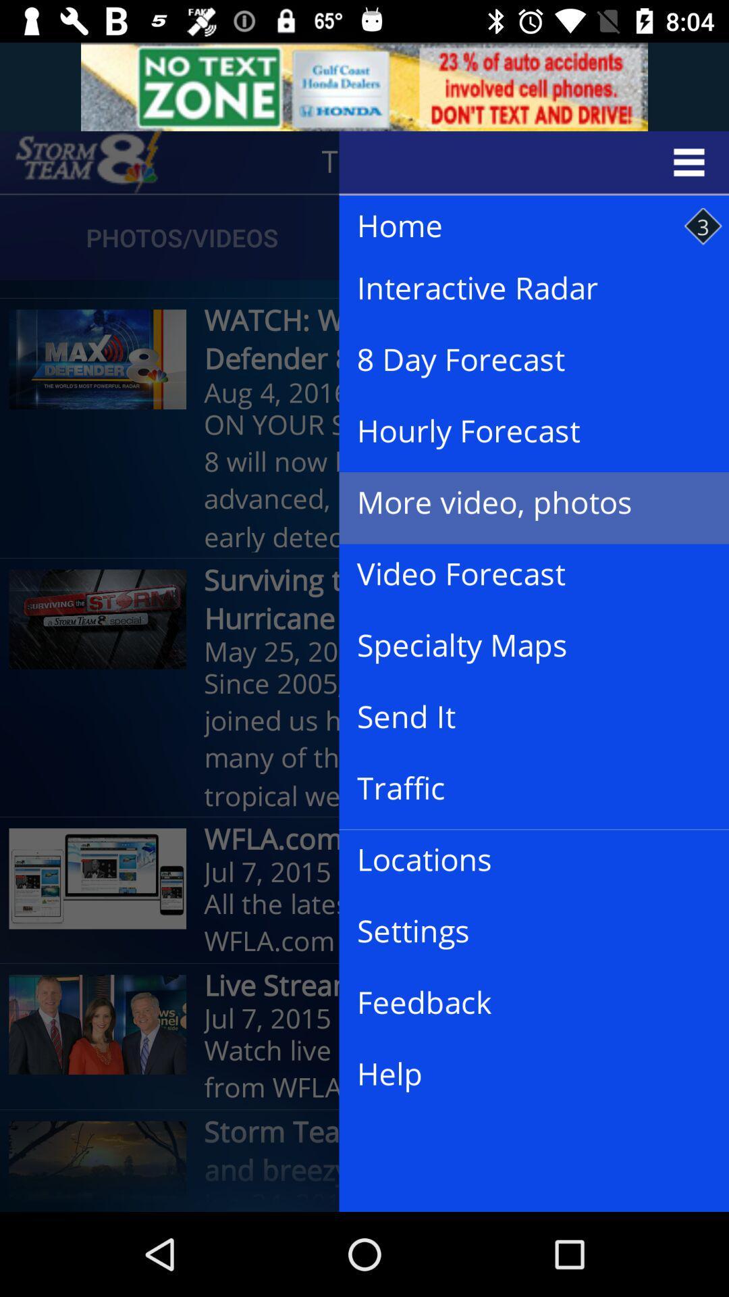 This screenshot has height=1297, width=729. What do you see at coordinates (97, 878) in the screenshot?
I see `the third image which is on the left corner of the page` at bounding box center [97, 878].